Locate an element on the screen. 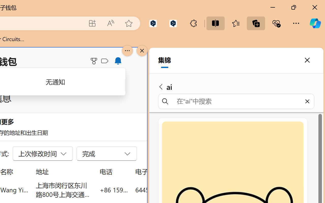  'Class: ___1lmltc5 f1agt3bx f12qytpq' is located at coordinates (104, 61).